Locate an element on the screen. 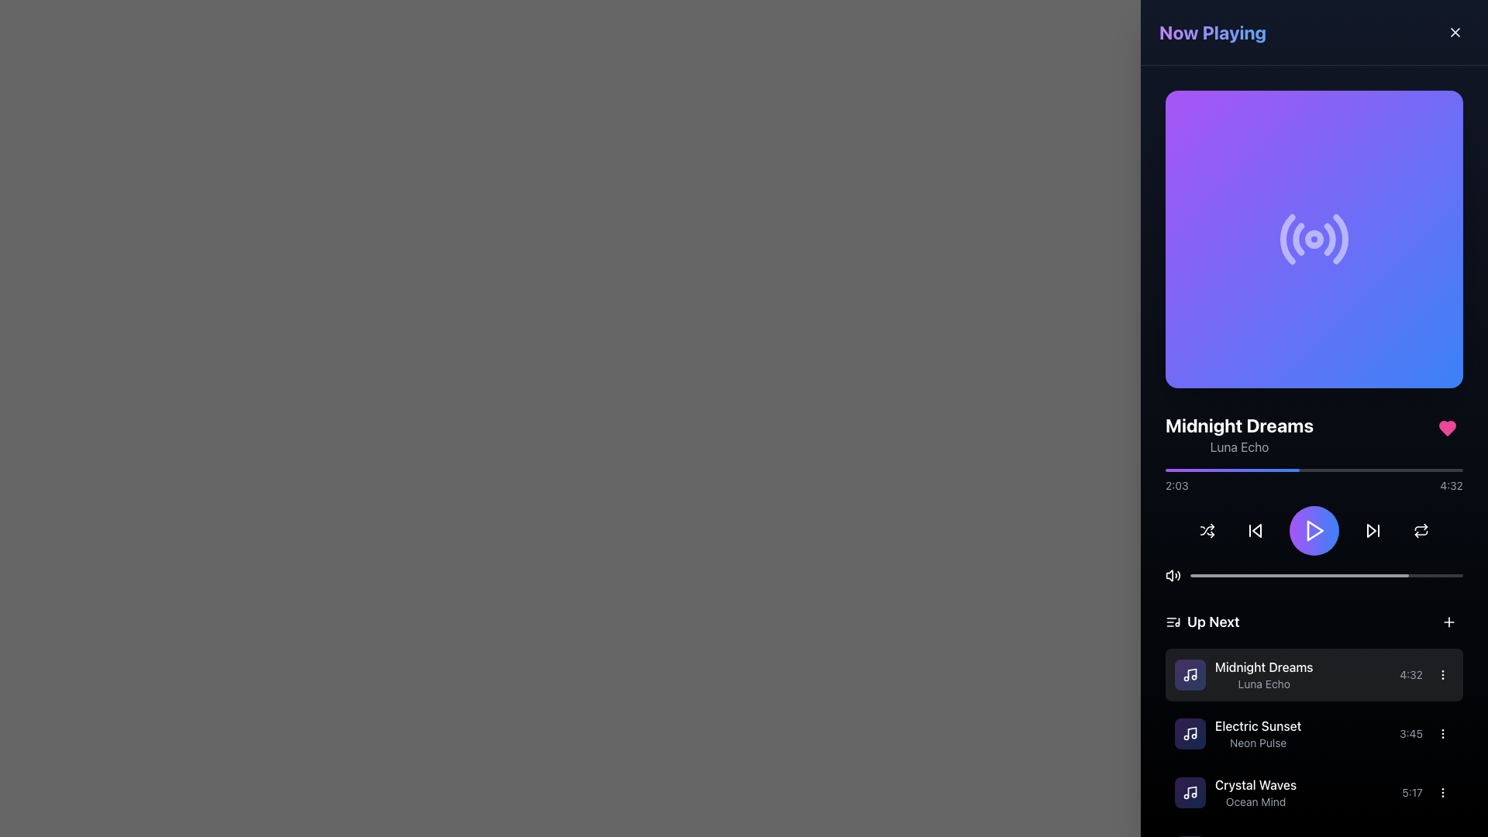 Image resolution: width=1488 pixels, height=837 pixels. the favorite button located at the top-right corner of the song details section is located at coordinates (1446, 428).